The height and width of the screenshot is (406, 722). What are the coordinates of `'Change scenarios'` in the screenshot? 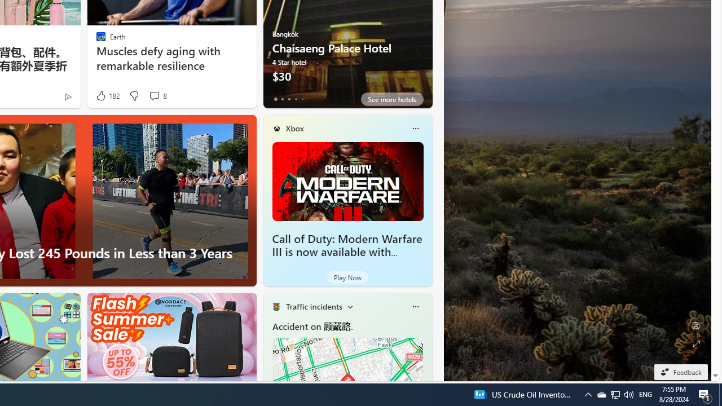 It's located at (349, 306).